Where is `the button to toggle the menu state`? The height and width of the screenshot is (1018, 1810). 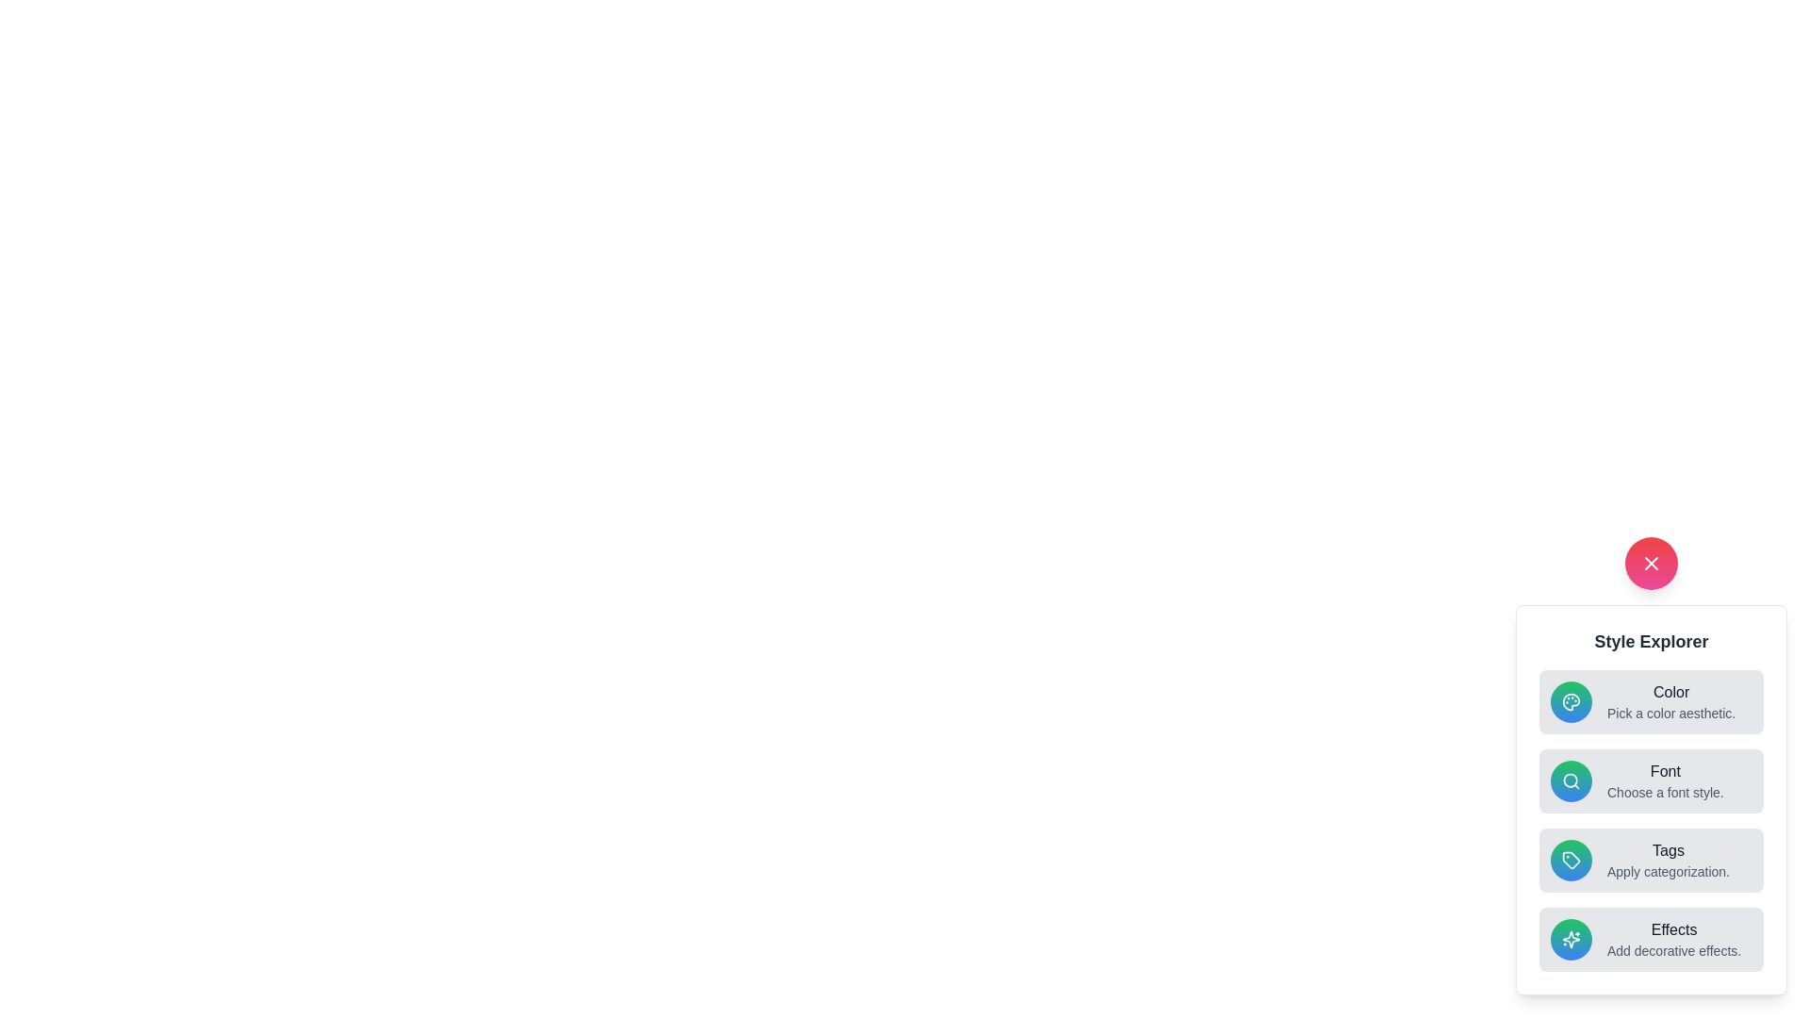
the button to toggle the menu state is located at coordinates (1651, 562).